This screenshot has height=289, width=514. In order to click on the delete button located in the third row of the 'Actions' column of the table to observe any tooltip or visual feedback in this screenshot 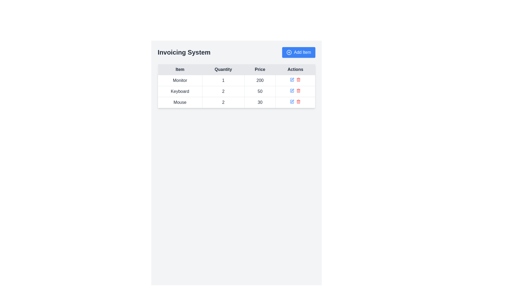, I will do `click(298, 90)`.